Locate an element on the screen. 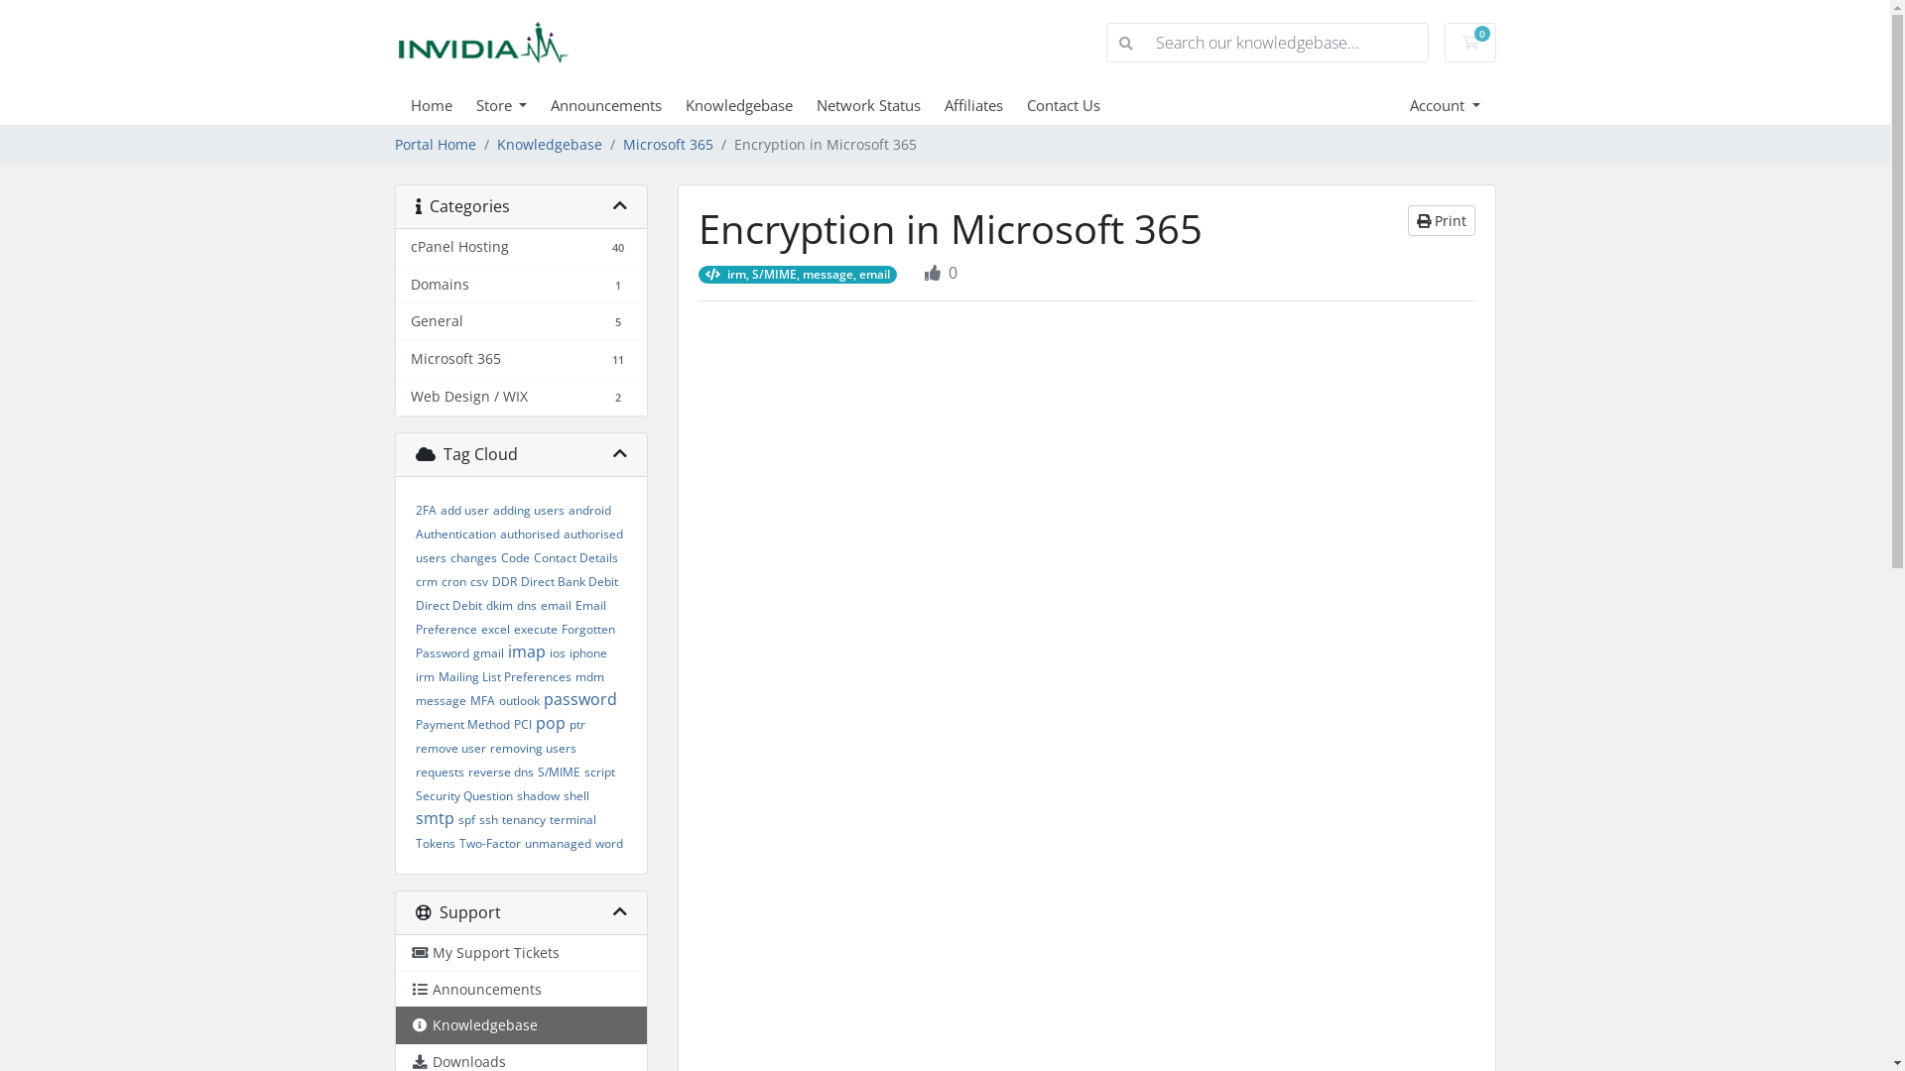 Image resolution: width=1905 pixels, height=1071 pixels. 'Two-Factor' is located at coordinates (489, 843).